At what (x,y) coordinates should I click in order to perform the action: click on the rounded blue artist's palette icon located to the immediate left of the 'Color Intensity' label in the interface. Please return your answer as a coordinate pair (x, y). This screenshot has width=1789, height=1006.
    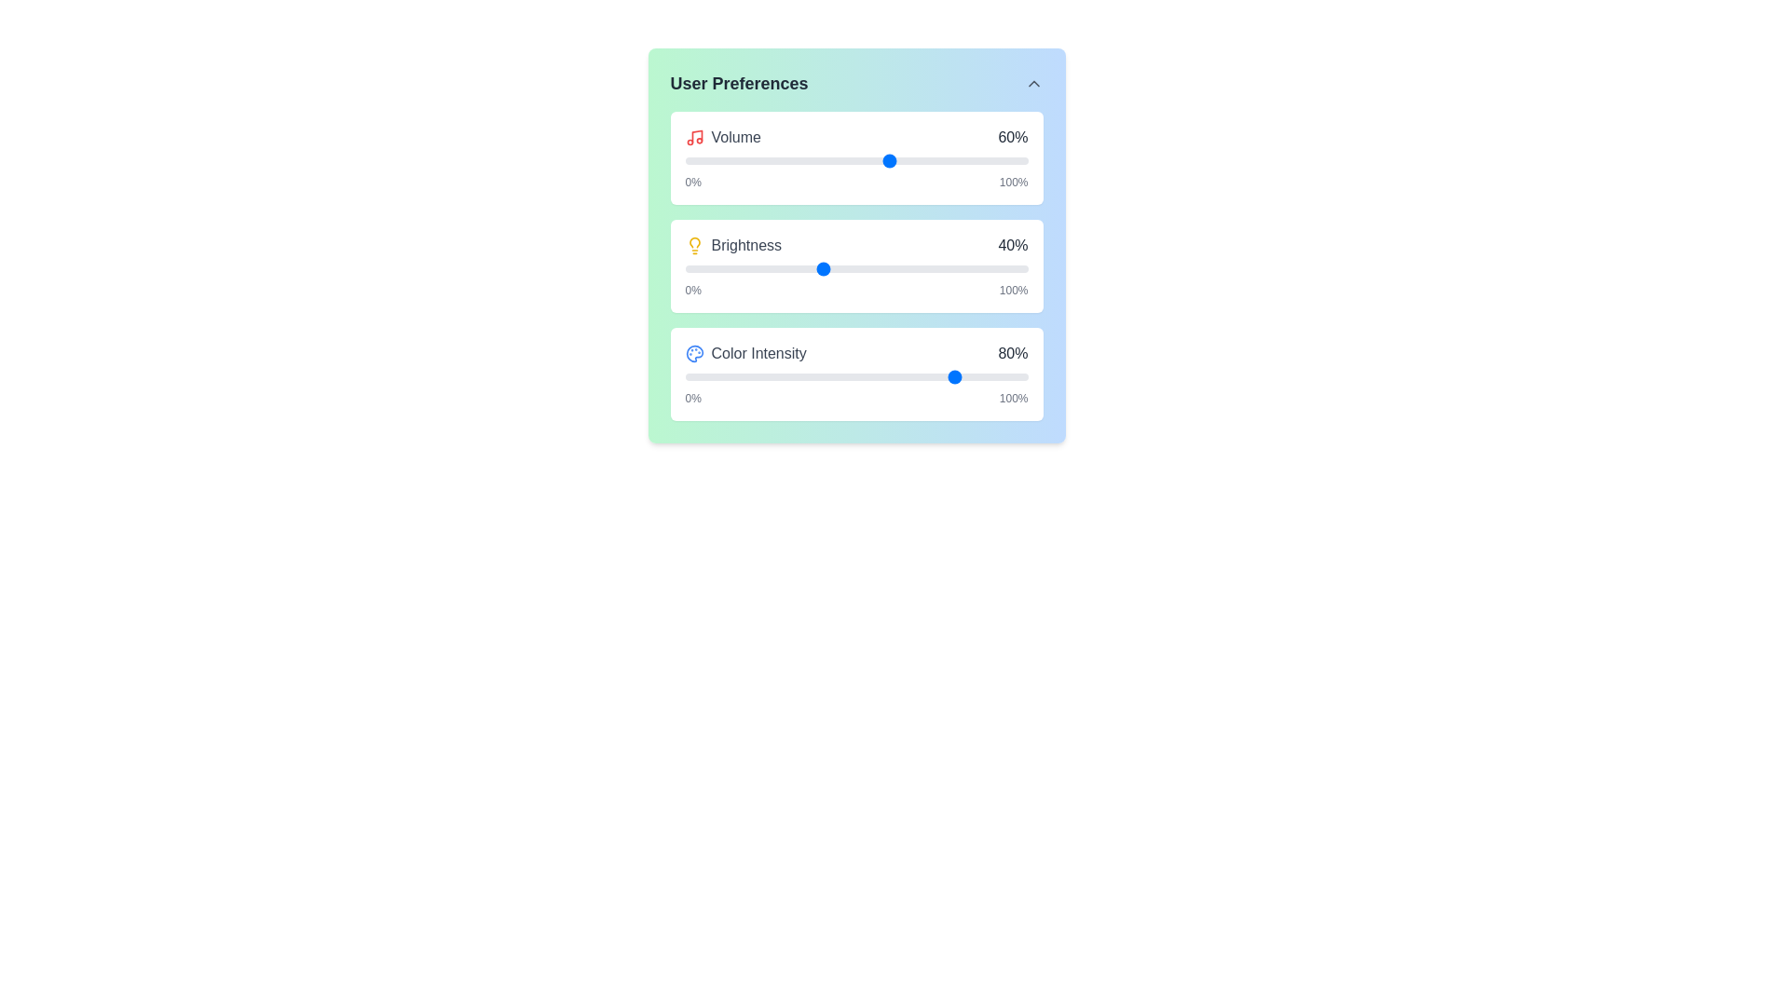
    Looking at the image, I should click on (693, 354).